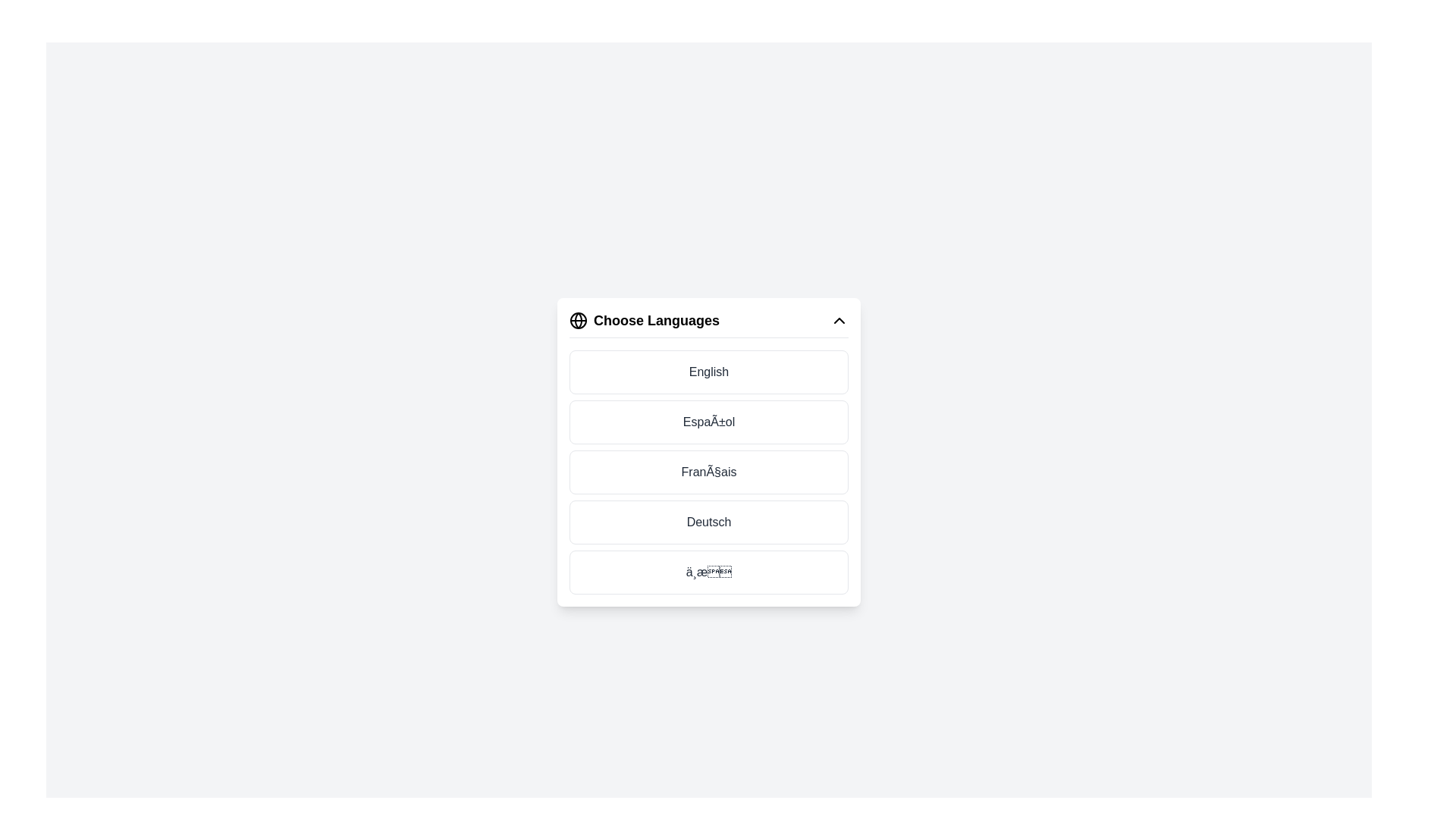 Image resolution: width=1456 pixels, height=819 pixels. What do you see at coordinates (578, 319) in the screenshot?
I see `the Circle graphic within the globe icon located in the top left area of the language options dropdown box` at bounding box center [578, 319].